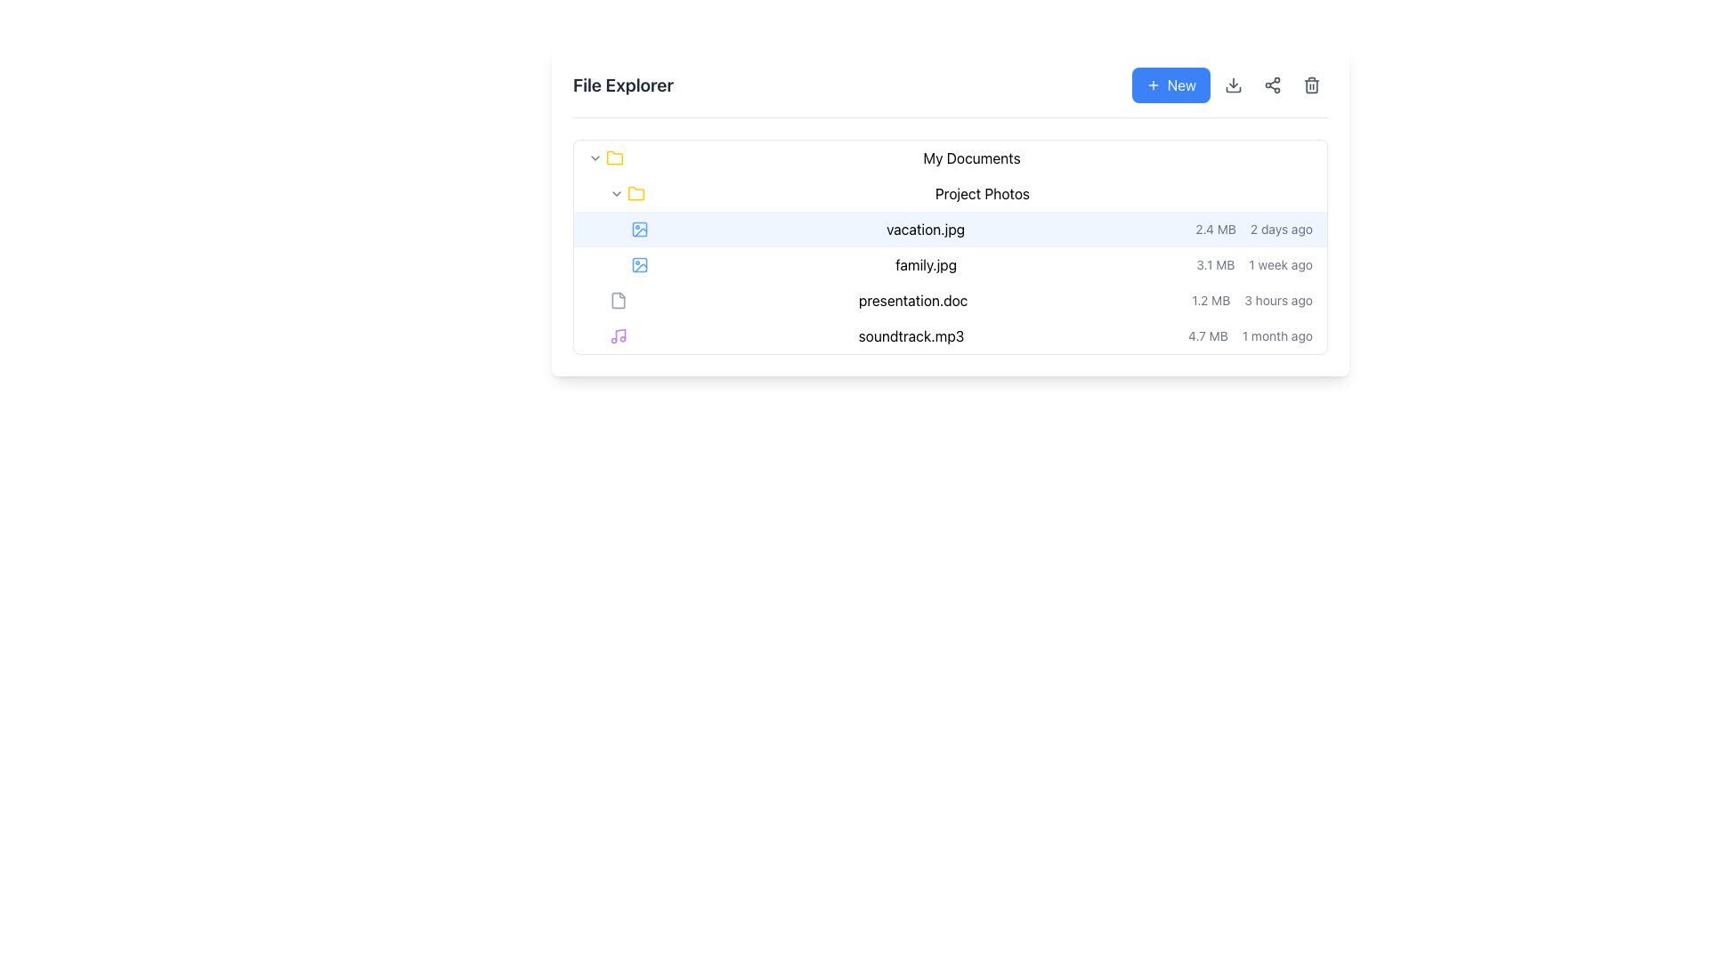 The height and width of the screenshot is (961, 1709). What do you see at coordinates (950, 229) in the screenshot?
I see `the second file entry row under the 'Project Photos' section in the file explorer` at bounding box center [950, 229].